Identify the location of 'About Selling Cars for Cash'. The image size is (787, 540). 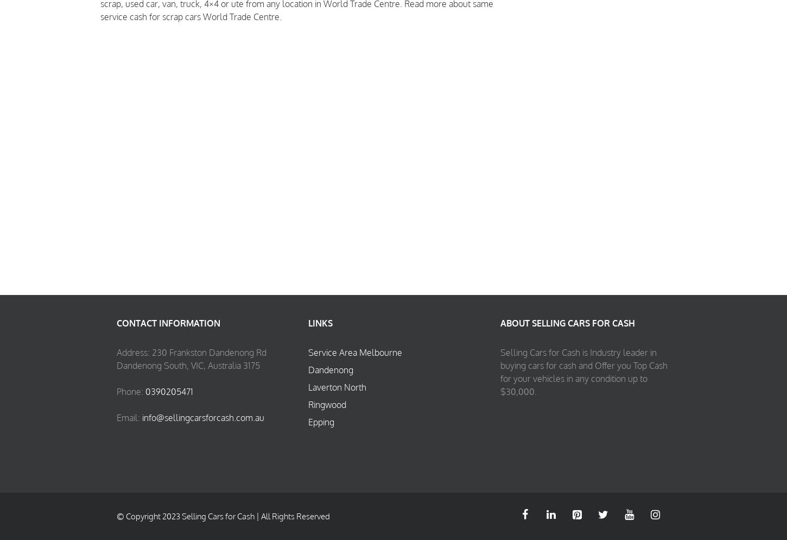
(567, 323).